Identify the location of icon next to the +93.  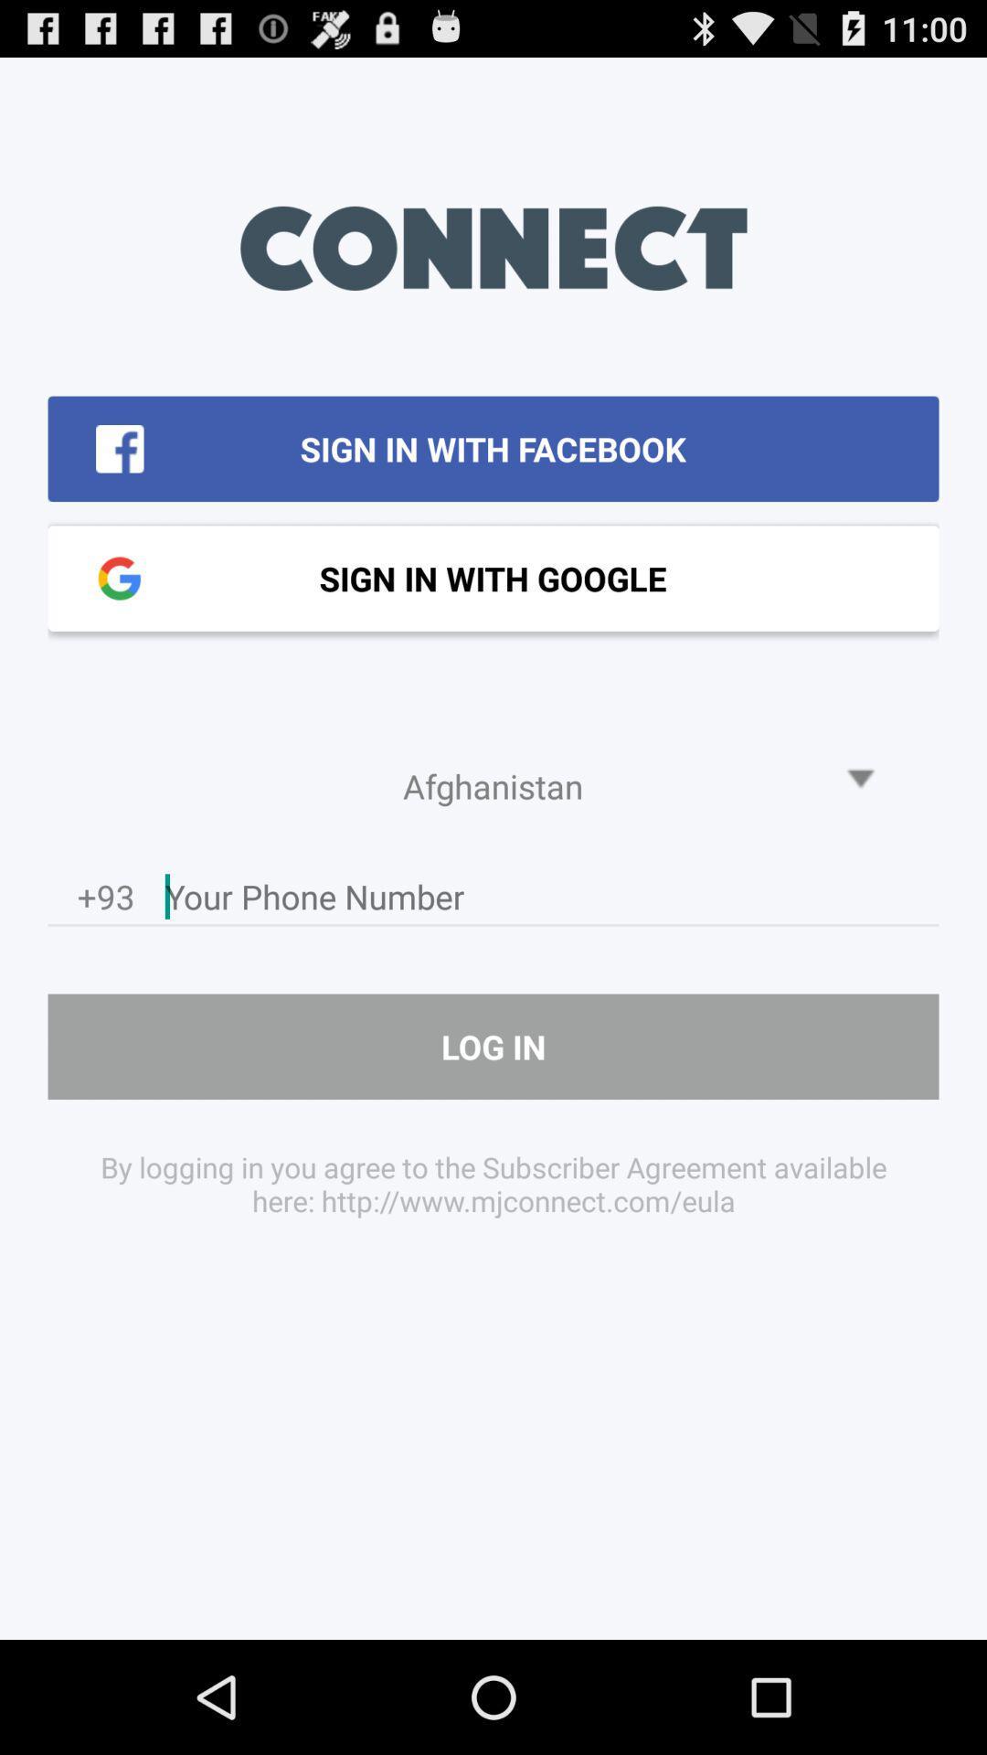
(551, 901).